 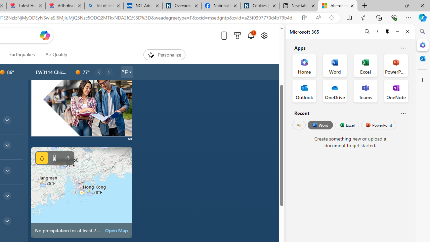 What do you see at coordinates (347, 125) in the screenshot?
I see `'Excel'` at bounding box center [347, 125].